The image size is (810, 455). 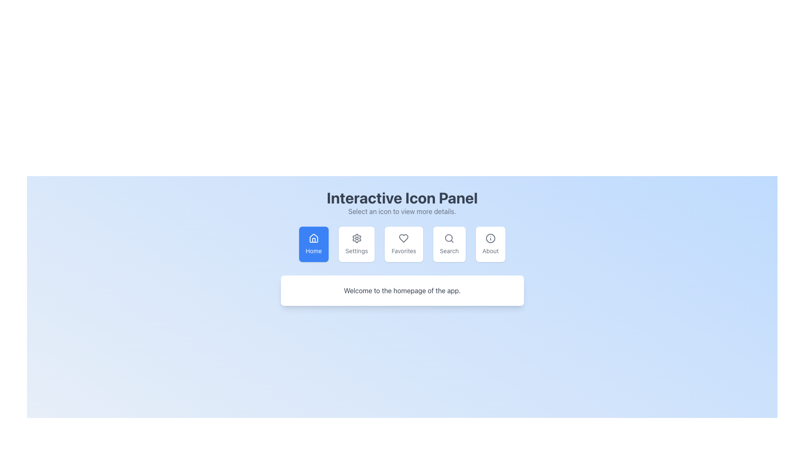 What do you see at coordinates (356, 251) in the screenshot?
I see `the 'Settings' text label located centrally below the gear-shaped icon in the second button from the left in the interactive panel of icons` at bounding box center [356, 251].